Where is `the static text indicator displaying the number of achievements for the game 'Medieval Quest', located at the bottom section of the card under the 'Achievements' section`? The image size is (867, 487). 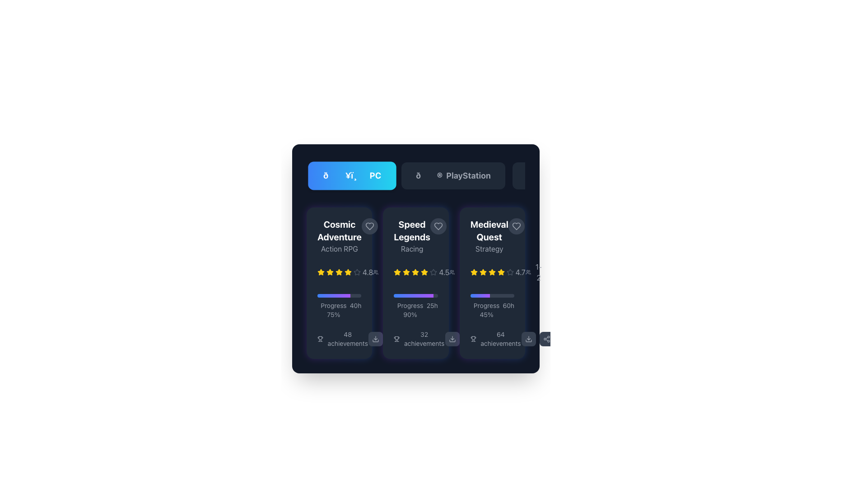
the static text indicator displaying the number of achievements for the game 'Medieval Quest', located at the bottom section of the card under the 'Achievements' section is located at coordinates (492, 339).